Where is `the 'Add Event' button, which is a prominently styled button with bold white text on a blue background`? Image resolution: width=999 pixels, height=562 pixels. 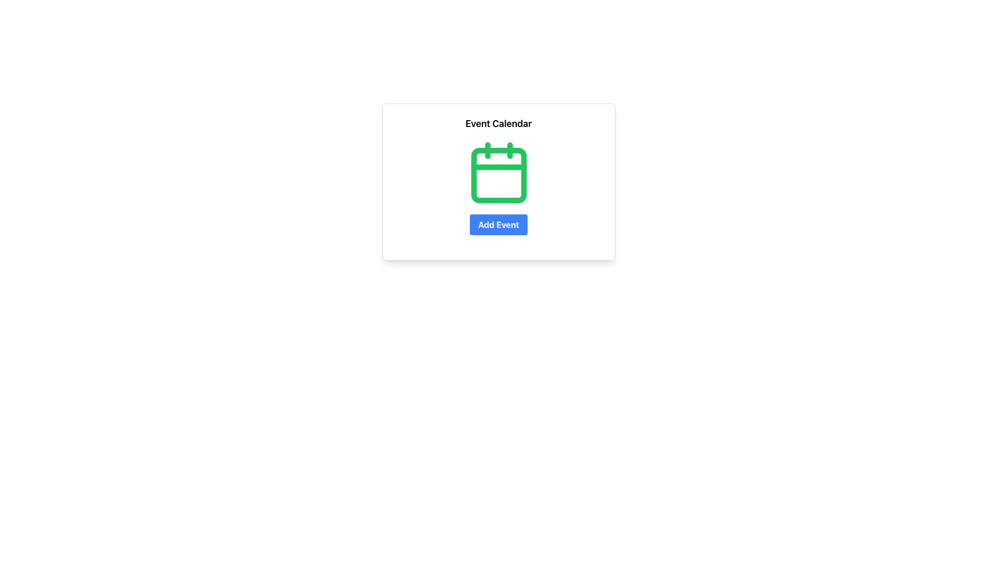 the 'Add Event' button, which is a prominently styled button with bold white text on a blue background is located at coordinates (498, 224).